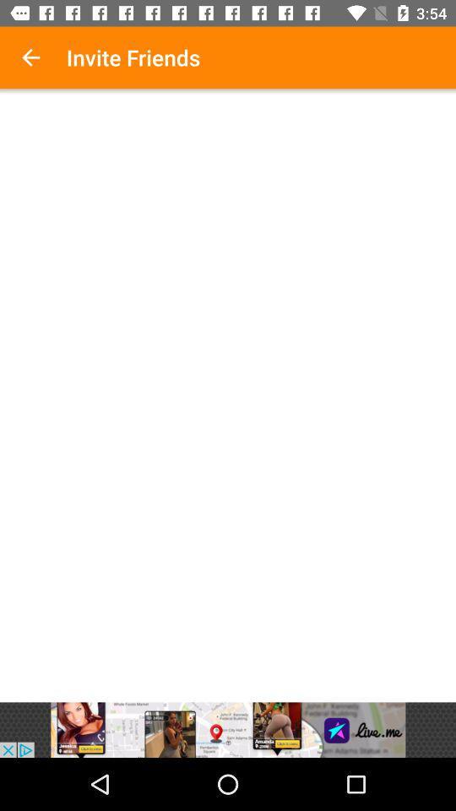  I want to click on advertisement option, so click(228, 729).